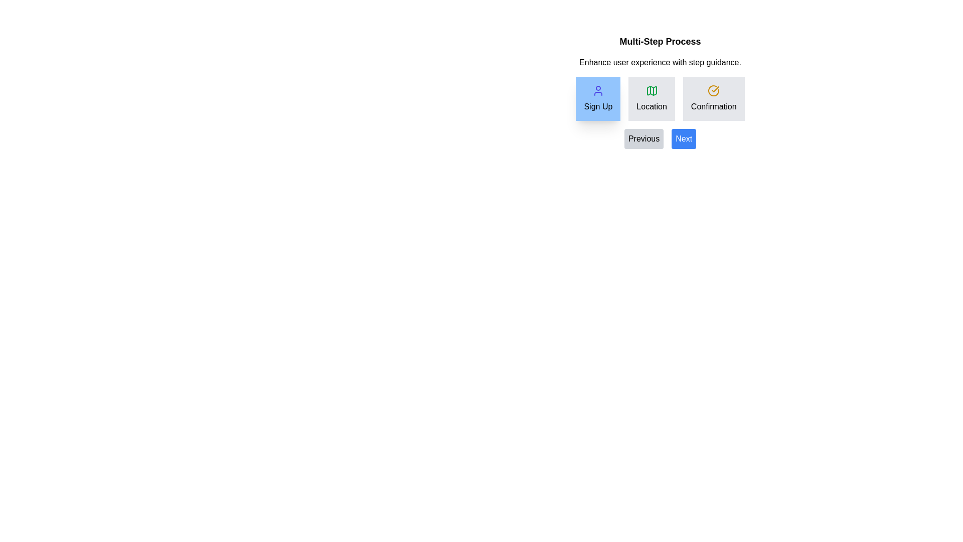  I want to click on the blue rectangular button labeled 'Next', so click(683, 139).